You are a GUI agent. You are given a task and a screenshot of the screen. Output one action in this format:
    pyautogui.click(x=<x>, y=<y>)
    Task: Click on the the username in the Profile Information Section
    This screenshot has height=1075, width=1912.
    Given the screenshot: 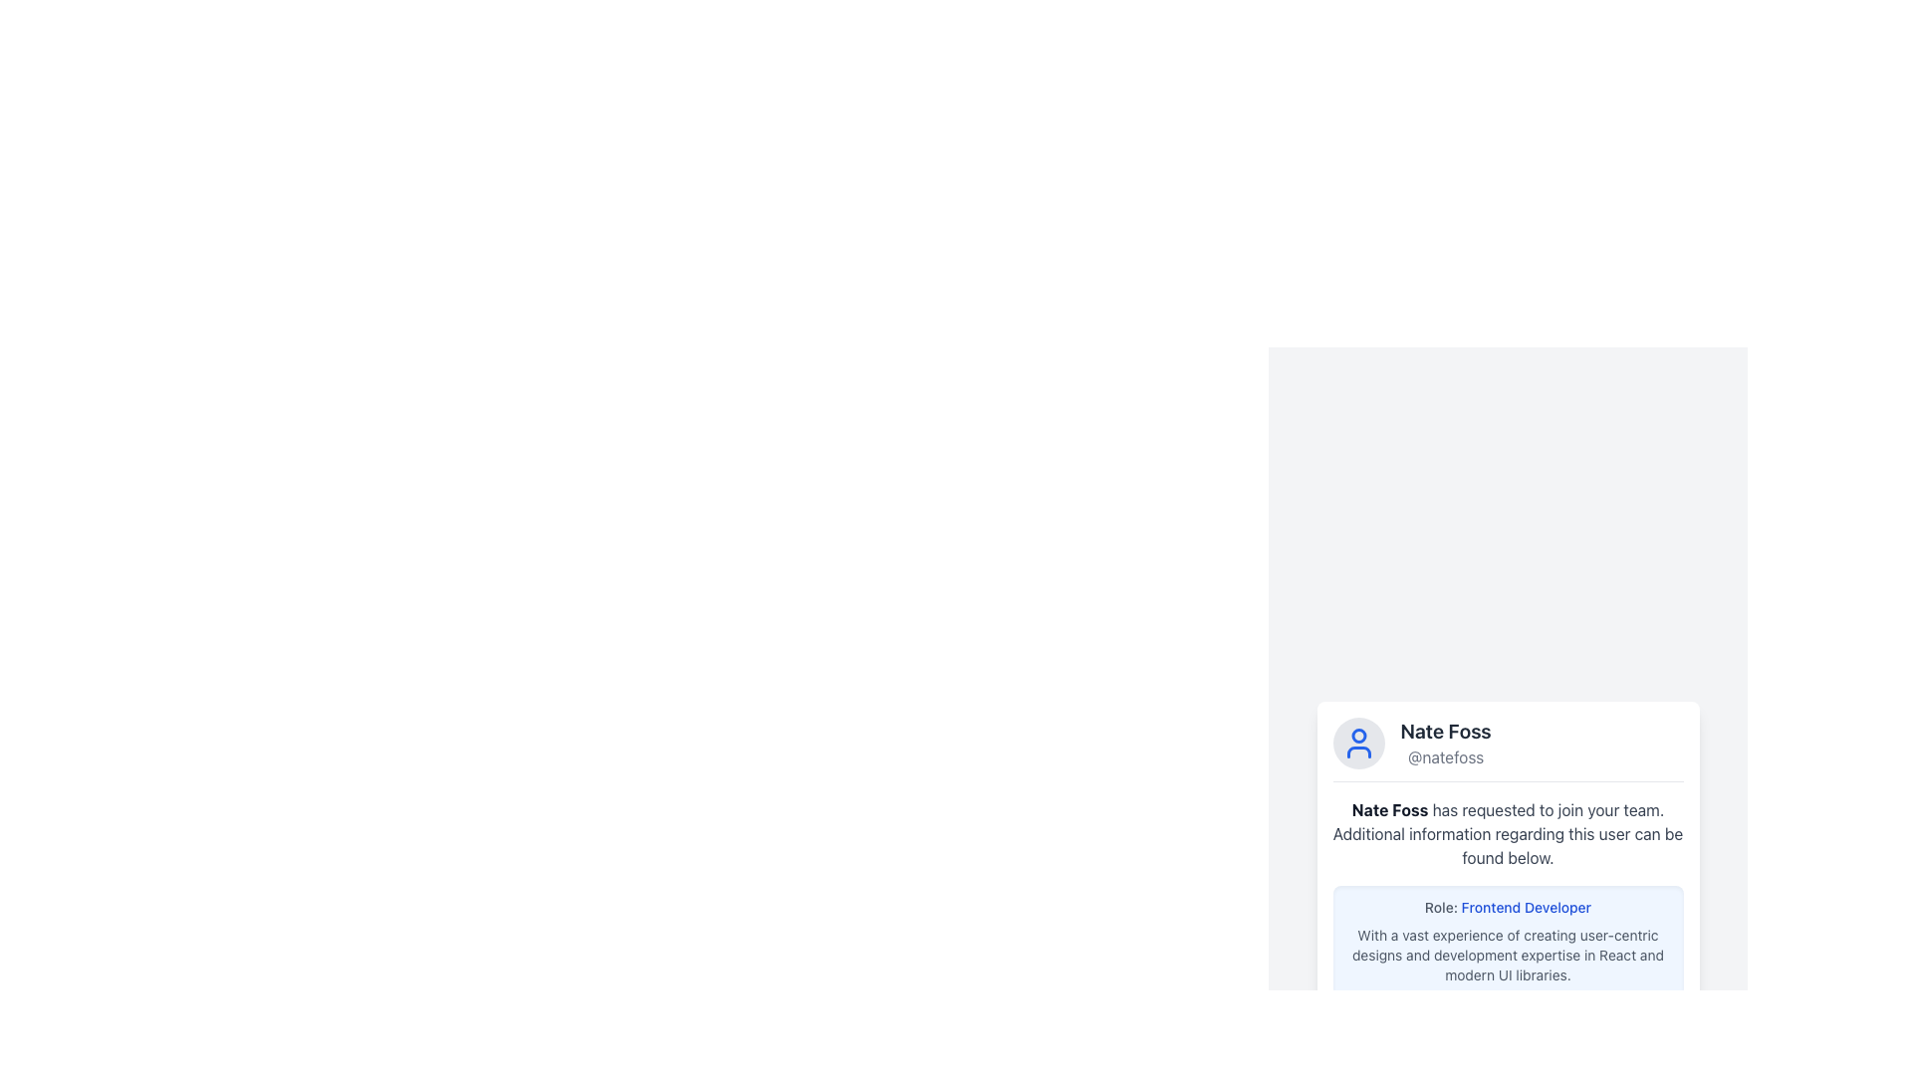 What is the action you would take?
    pyautogui.click(x=1508, y=749)
    